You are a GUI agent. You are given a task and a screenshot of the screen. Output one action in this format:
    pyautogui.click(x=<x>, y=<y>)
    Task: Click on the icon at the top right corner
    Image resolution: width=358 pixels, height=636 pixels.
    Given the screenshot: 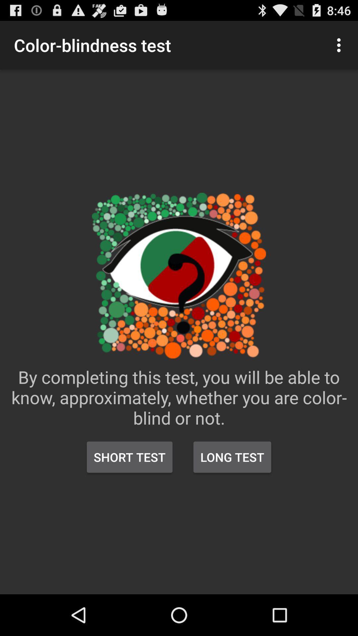 What is the action you would take?
    pyautogui.click(x=340, y=45)
    